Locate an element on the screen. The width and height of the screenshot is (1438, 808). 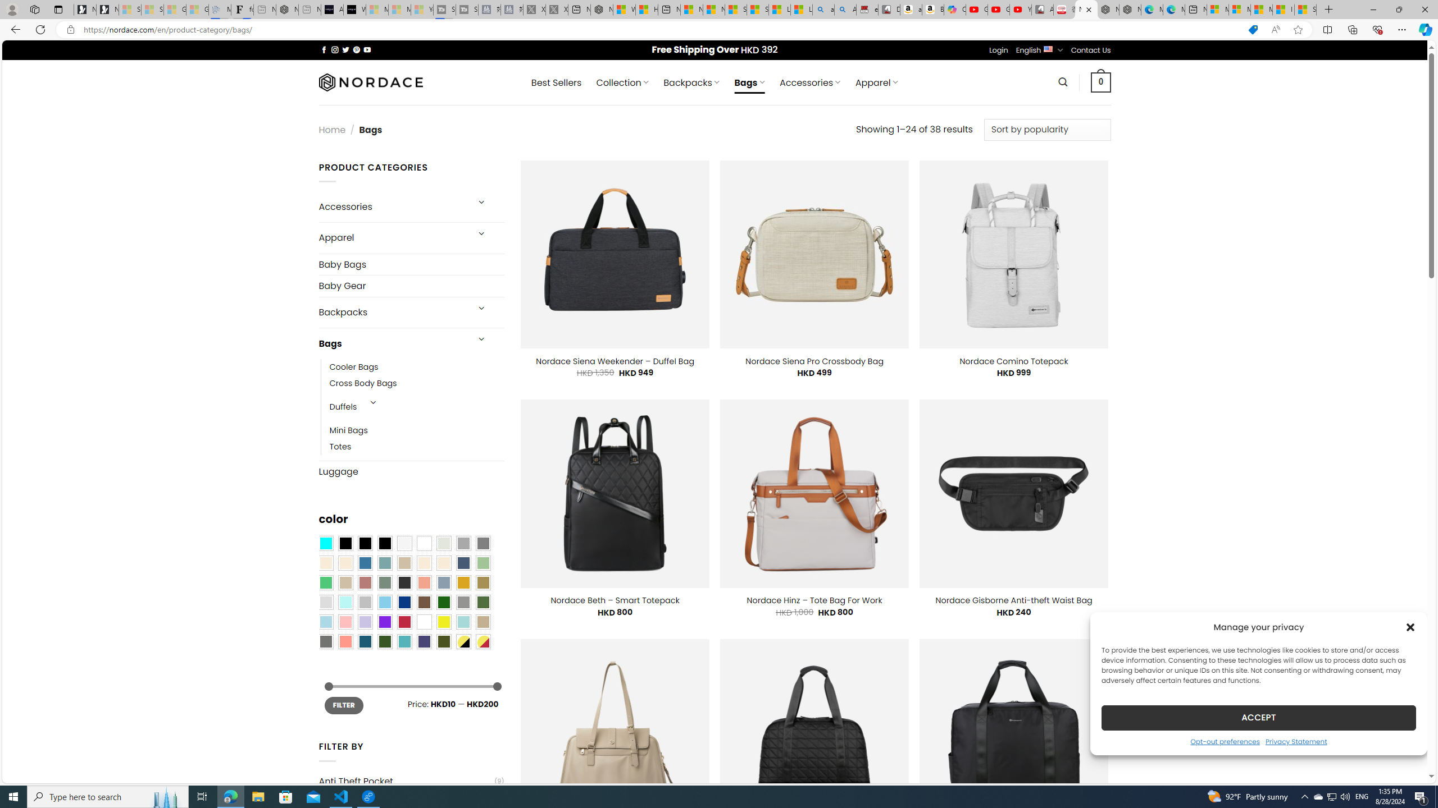
'Contact Us' is located at coordinates (1091, 50).